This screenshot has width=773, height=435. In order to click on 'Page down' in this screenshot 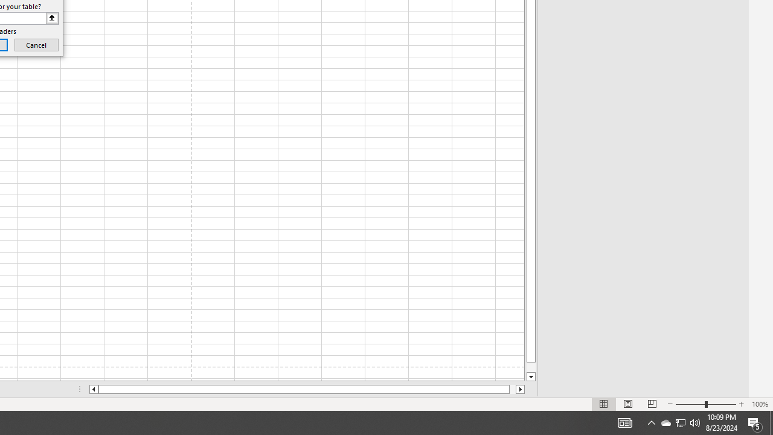, I will do `click(531, 367)`.